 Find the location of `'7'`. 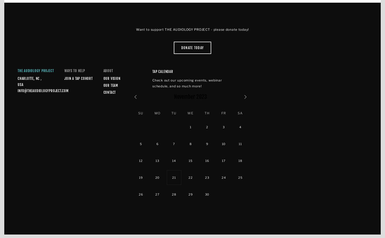

'7' is located at coordinates (174, 143).